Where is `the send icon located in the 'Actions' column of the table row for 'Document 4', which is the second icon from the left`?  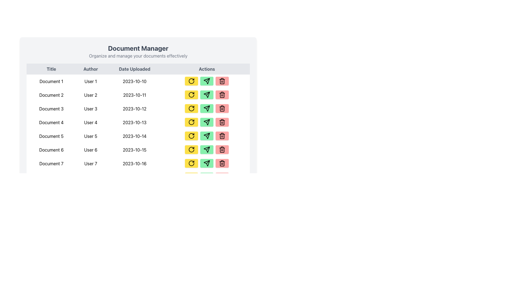 the send icon located in the 'Actions' column of the table row for 'Document 4', which is the second icon from the left is located at coordinates (207, 122).